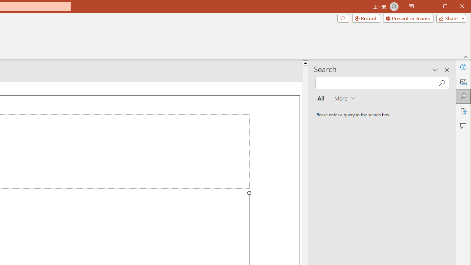 The width and height of the screenshot is (471, 265). What do you see at coordinates (464, 7) in the screenshot?
I see `'Close'` at bounding box center [464, 7].